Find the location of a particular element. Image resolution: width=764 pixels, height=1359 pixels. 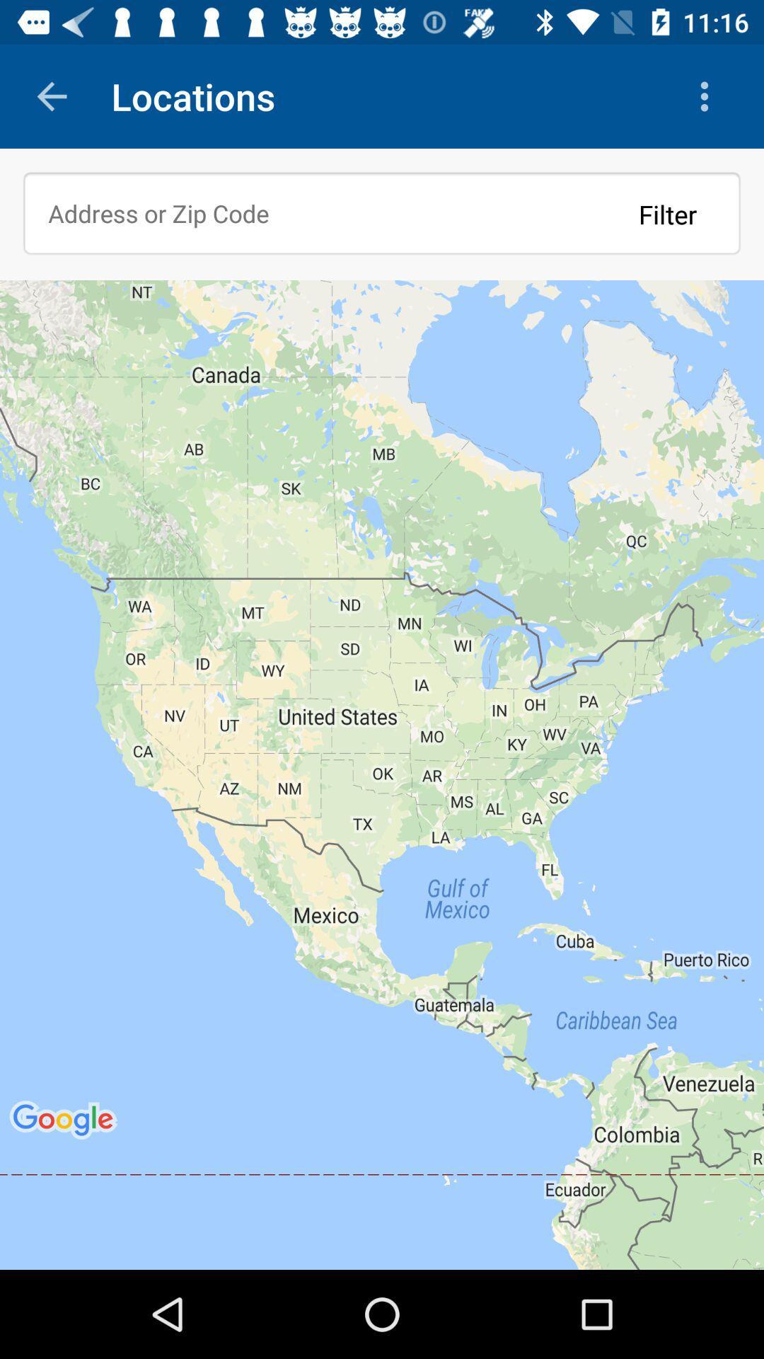

app to the right of the locations icon is located at coordinates (708, 96).